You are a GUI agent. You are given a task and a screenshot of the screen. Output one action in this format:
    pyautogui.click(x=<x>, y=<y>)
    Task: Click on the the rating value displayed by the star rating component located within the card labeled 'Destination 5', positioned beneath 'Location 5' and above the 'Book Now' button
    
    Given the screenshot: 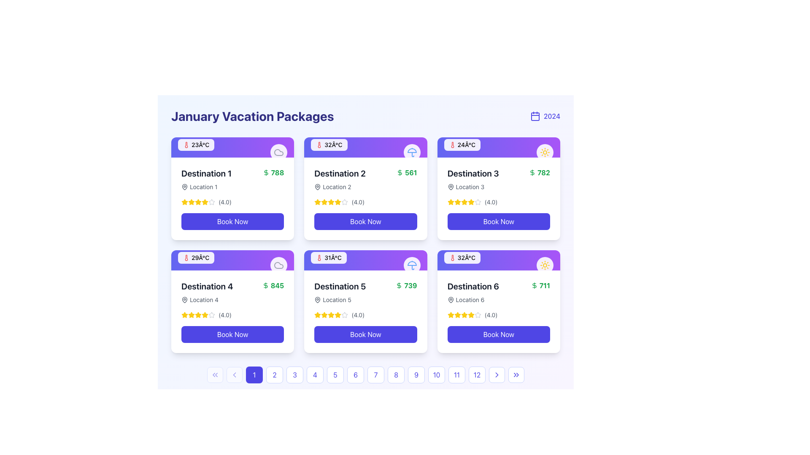 What is the action you would take?
    pyautogui.click(x=366, y=315)
    